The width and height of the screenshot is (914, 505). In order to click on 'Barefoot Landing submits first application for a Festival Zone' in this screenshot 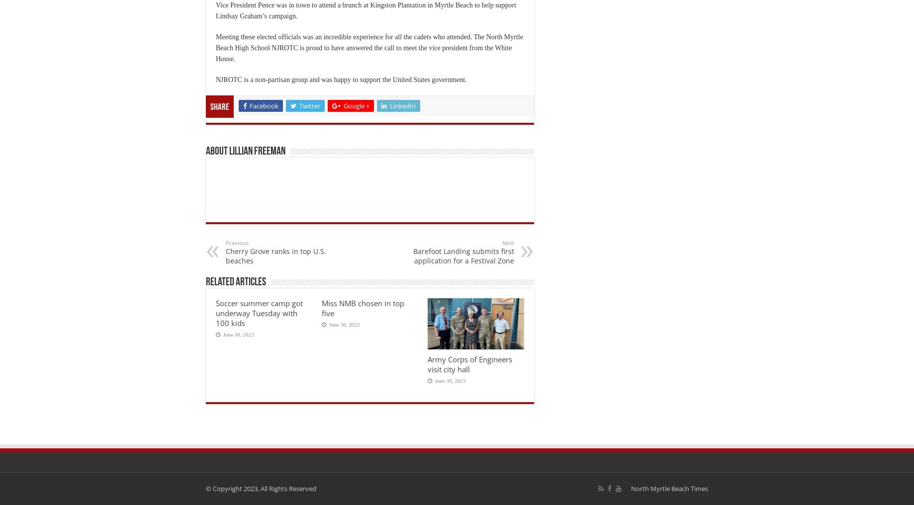, I will do `click(463, 254)`.